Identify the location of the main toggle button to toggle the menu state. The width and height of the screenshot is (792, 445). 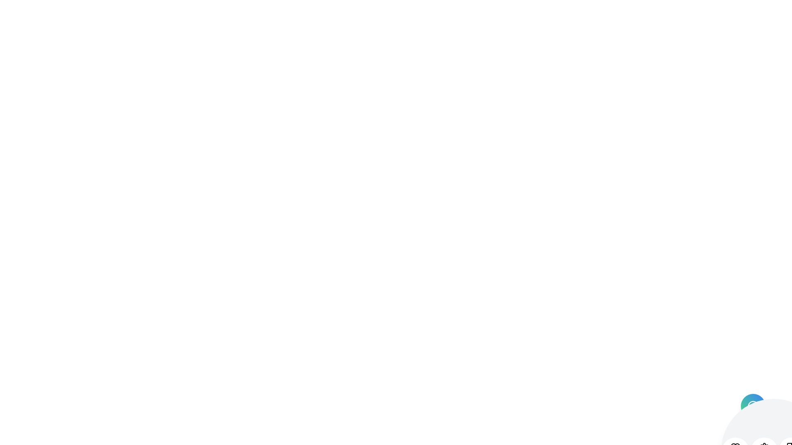
(753, 406).